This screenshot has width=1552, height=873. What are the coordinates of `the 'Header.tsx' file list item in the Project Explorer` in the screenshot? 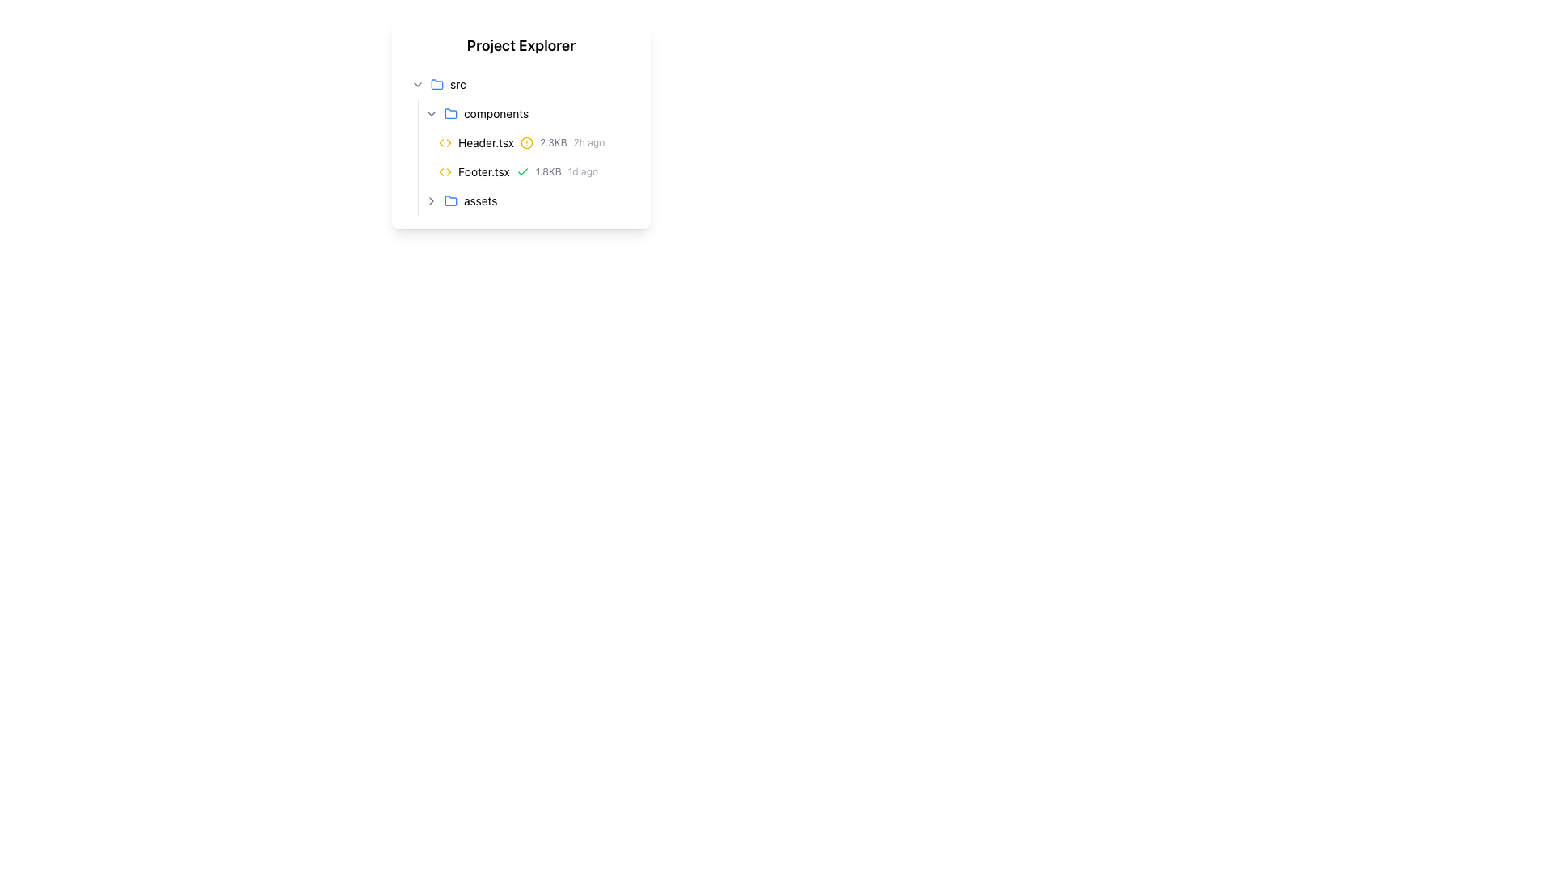 It's located at (535, 142).